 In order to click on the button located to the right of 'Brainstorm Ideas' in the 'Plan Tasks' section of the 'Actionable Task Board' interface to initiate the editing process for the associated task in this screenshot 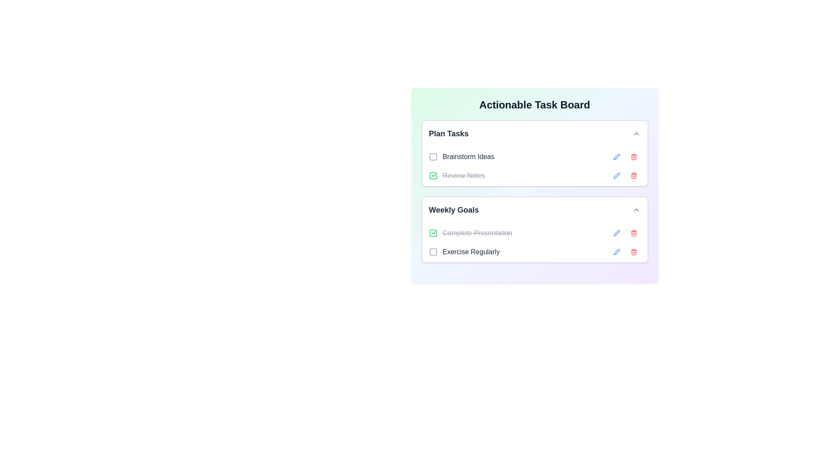, I will do `click(616, 157)`.